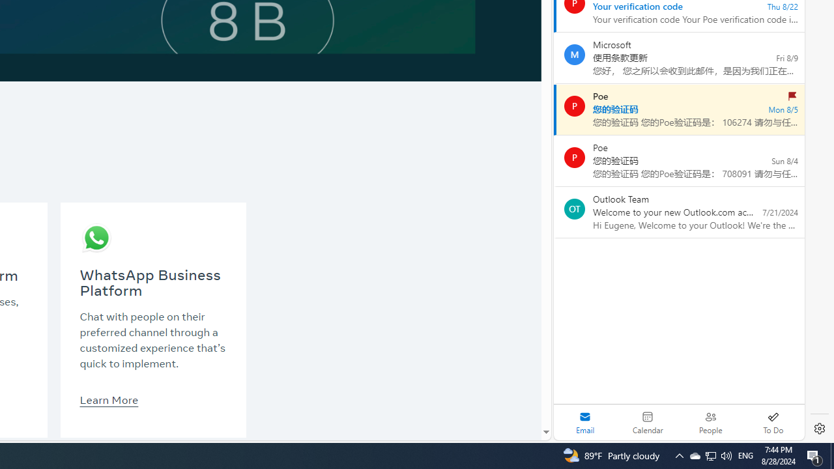 The height and width of the screenshot is (469, 834). I want to click on 'Learn More', so click(109, 399).